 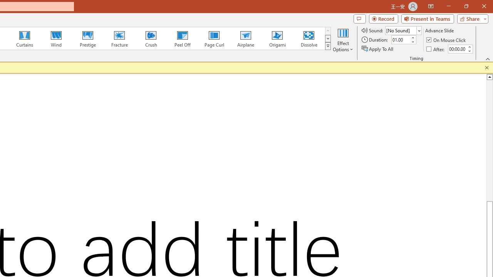 I want to click on 'Crush', so click(x=151, y=38).